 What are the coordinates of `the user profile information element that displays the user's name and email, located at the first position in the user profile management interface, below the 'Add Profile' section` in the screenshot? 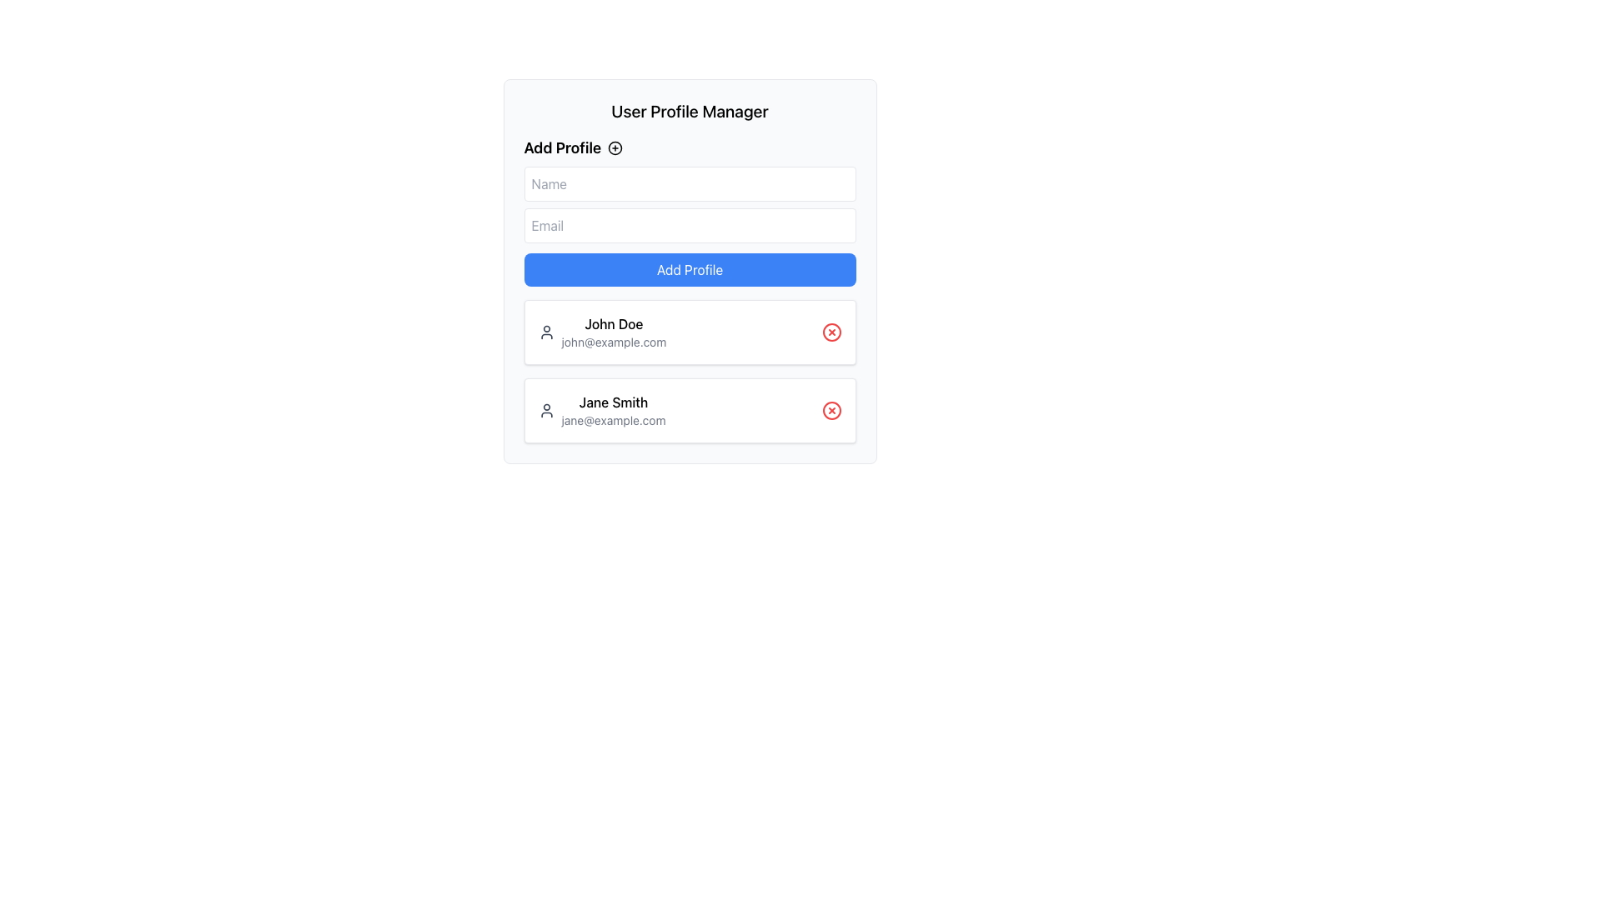 It's located at (613, 332).